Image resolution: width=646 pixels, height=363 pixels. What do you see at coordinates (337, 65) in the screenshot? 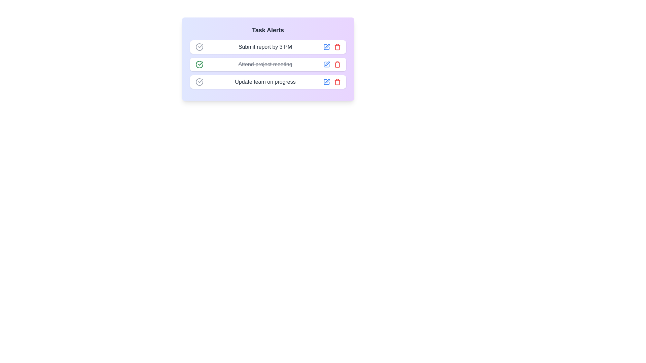
I see `the trash icon of the task with text 'Attend project meeting' to delete it` at bounding box center [337, 65].